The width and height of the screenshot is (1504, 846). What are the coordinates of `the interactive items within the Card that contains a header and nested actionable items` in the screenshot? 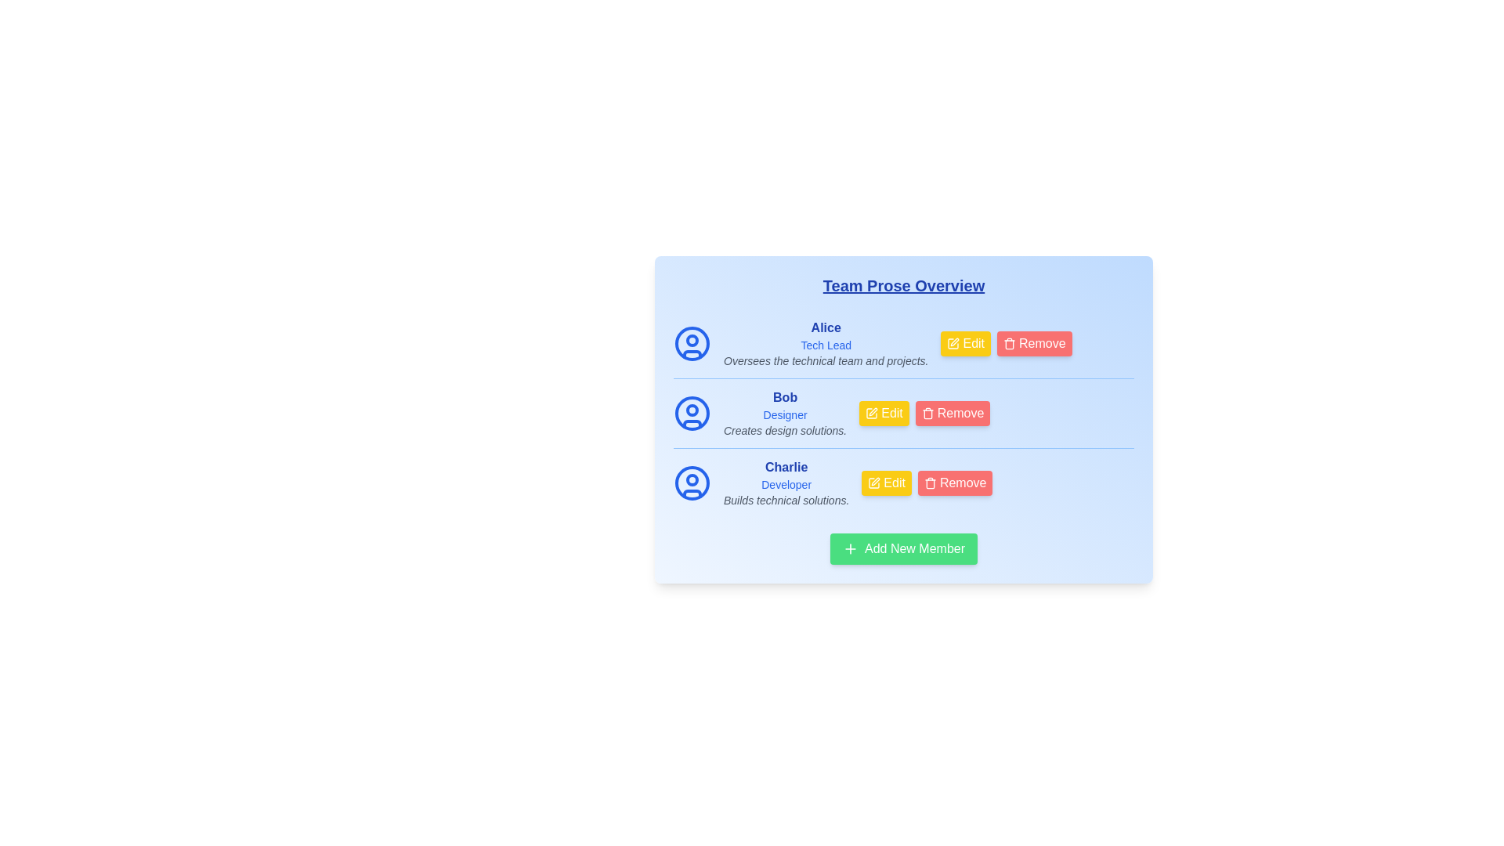 It's located at (903, 419).